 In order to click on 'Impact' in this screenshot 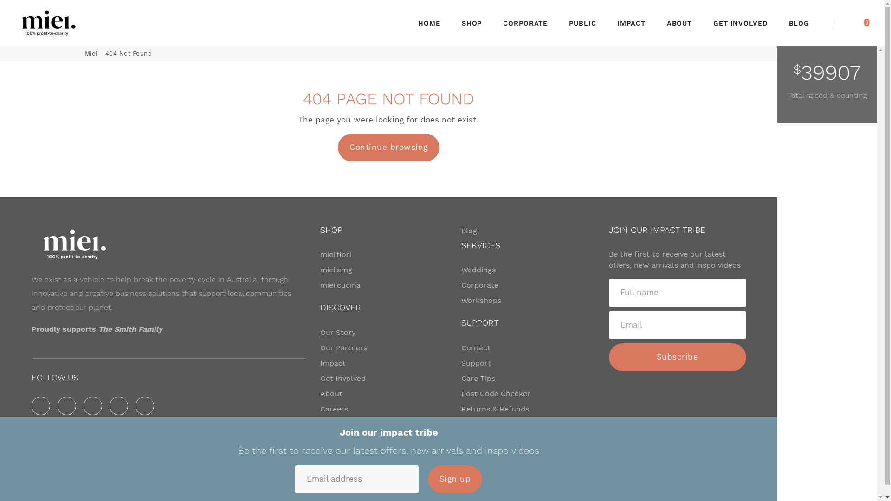, I will do `click(333, 363)`.